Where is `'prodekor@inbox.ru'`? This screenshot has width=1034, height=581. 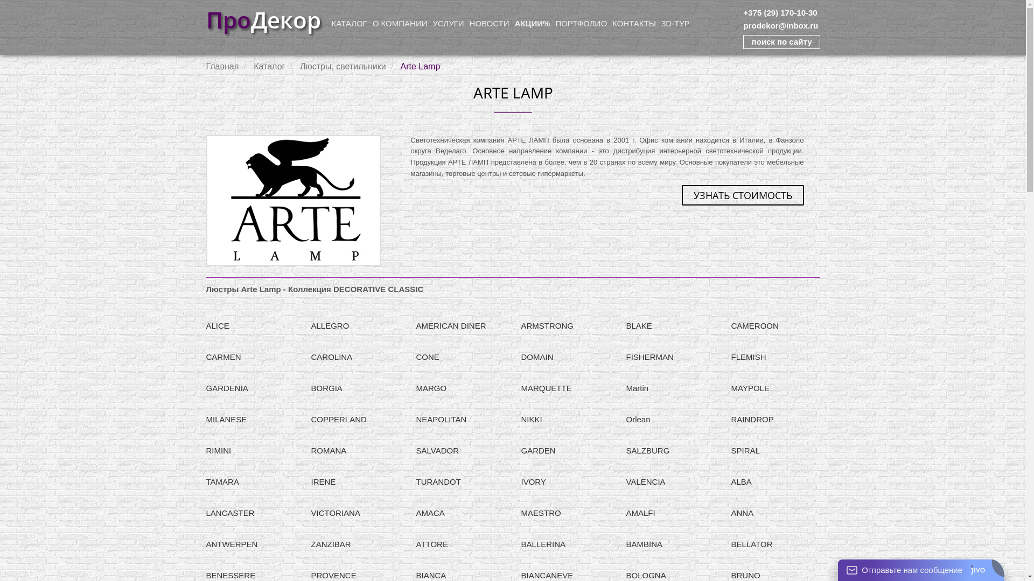 'prodekor@inbox.ru' is located at coordinates (780, 25).